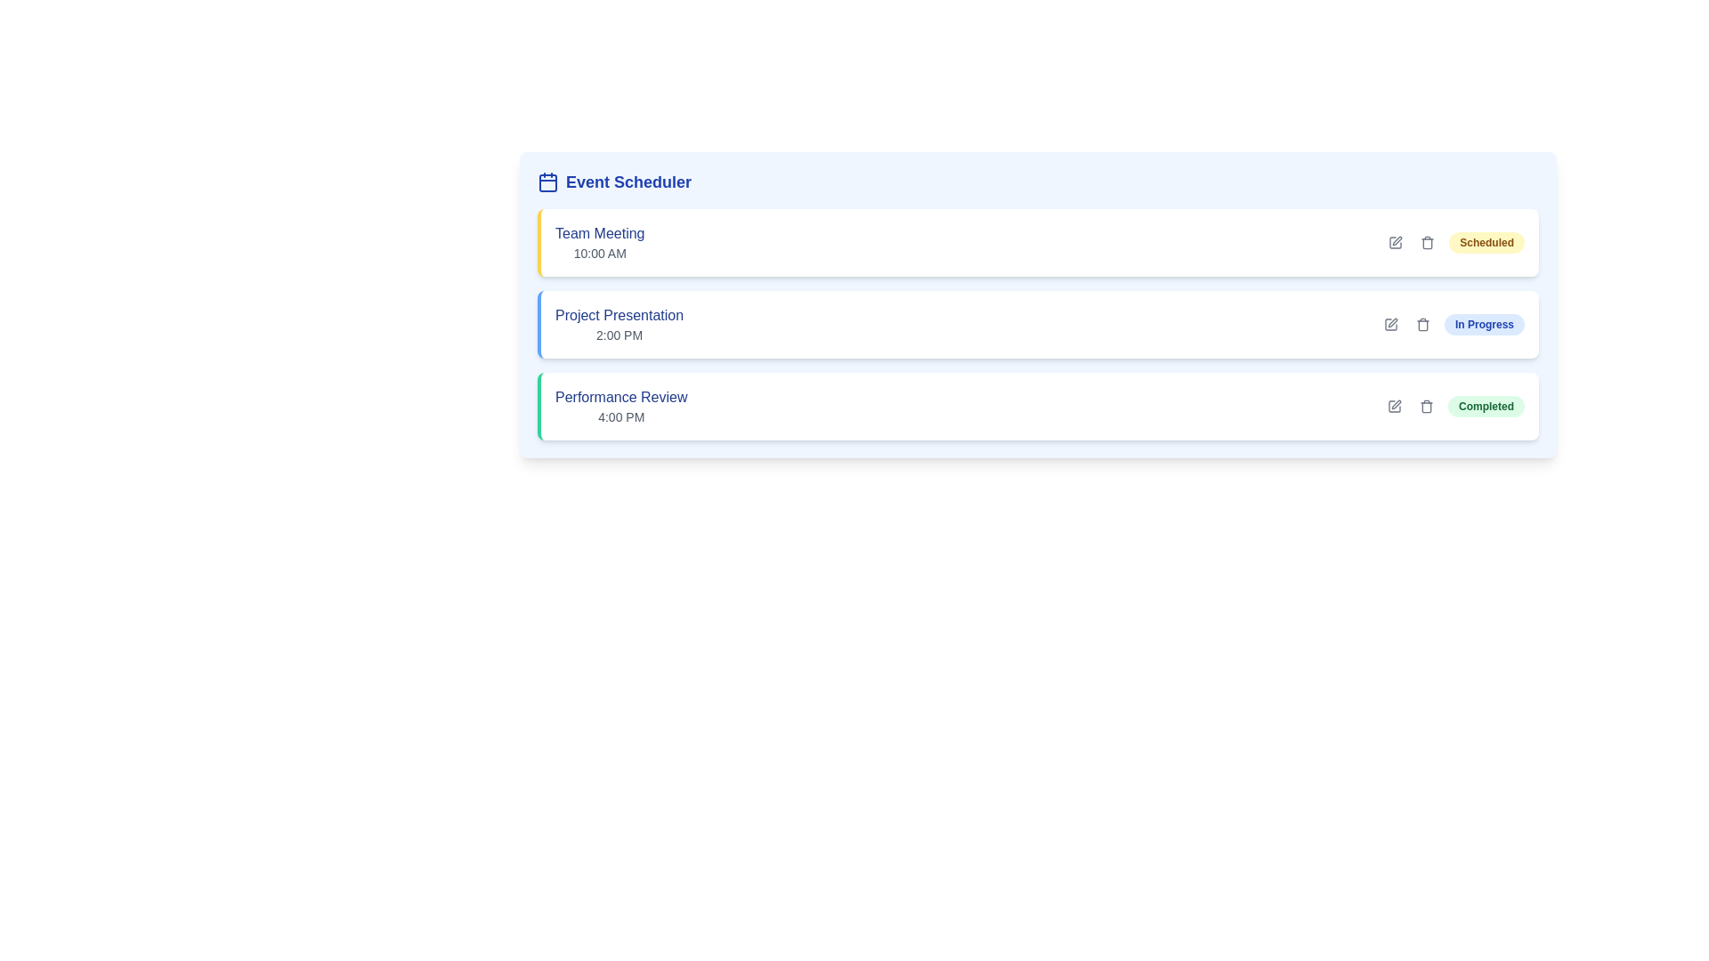 This screenshot has width=1709, height=961. What do you see at coordinates (1391, 322) in the screenshot?
I see `the small pen-shaped icon located in the right section of the project presentation row, adjacent to the 'In Progress' tag` at bounding box center [1391, 322].